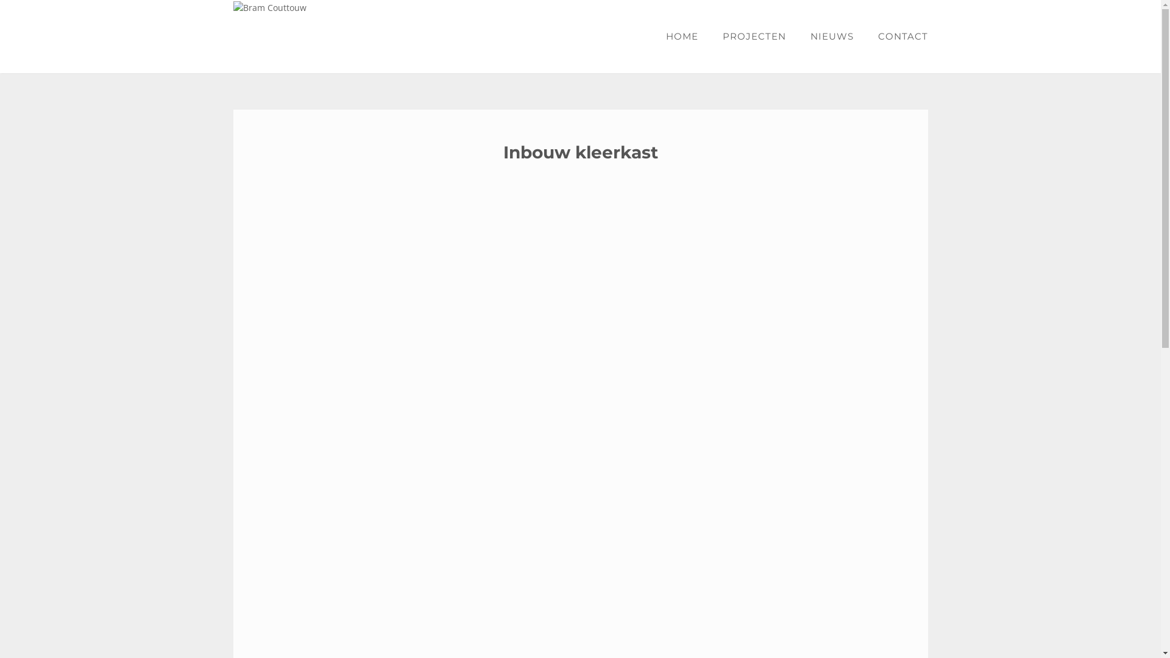 The height and width of the screenshot is (658, 1170). I want to click on 'CONTACT', so click(865, 36).